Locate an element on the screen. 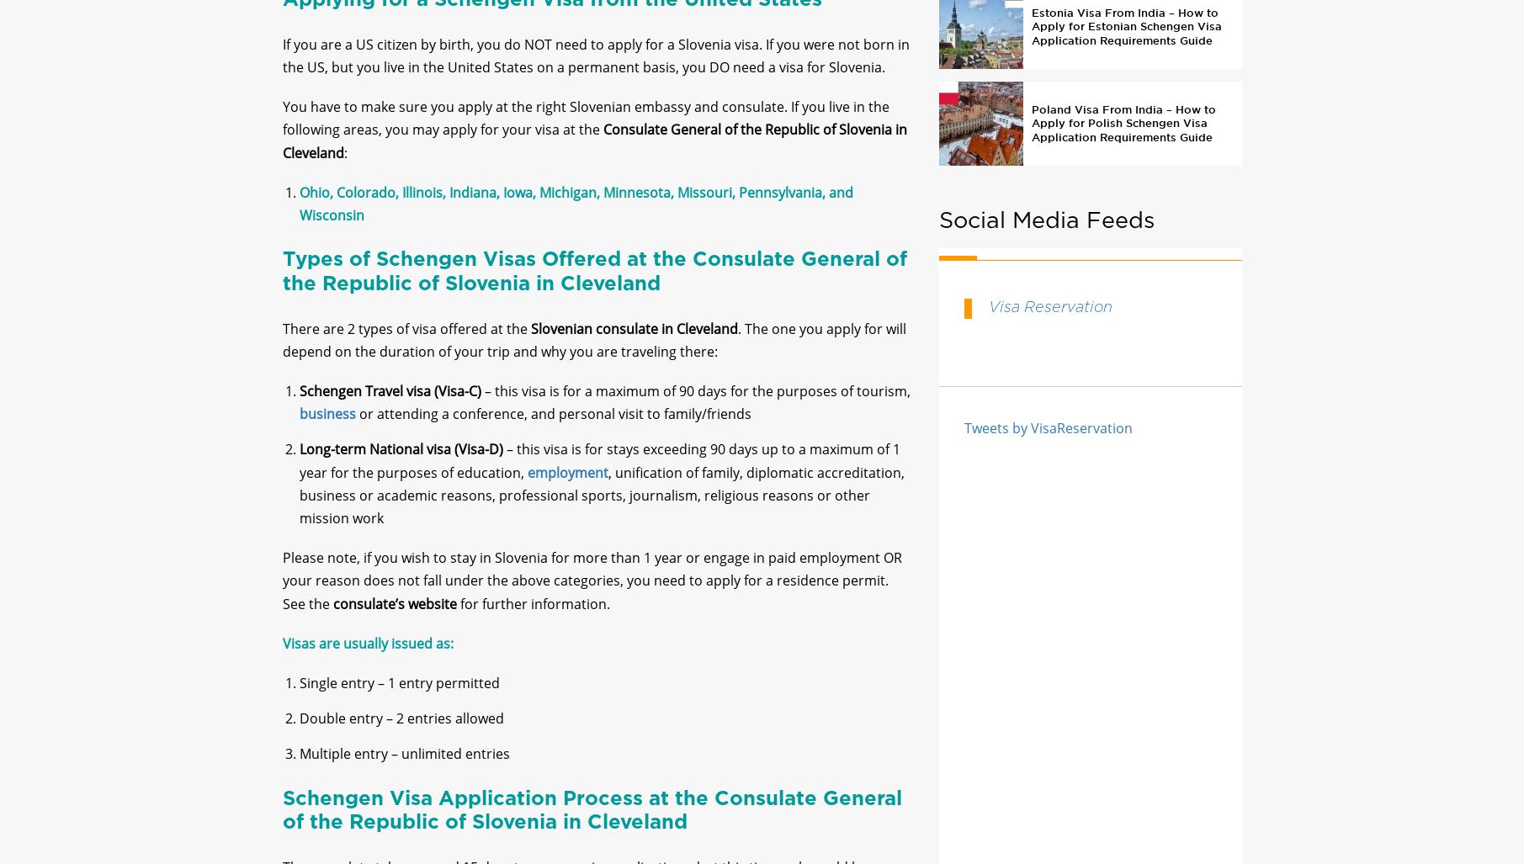  'Visas are usually issued as:' is located at coordinates (367, 656).